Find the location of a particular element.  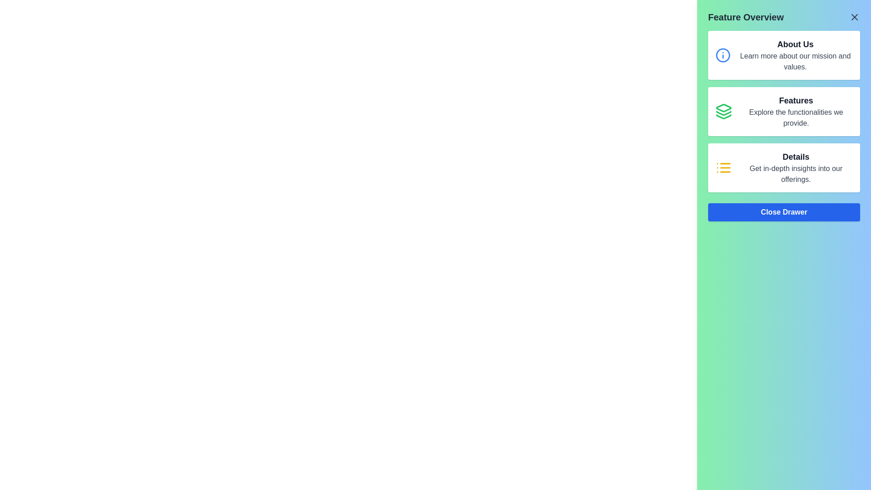

the interactive text block located in the lower part of the sidebar, specifically the third item in the list that provides access to detailed information about the application is located at coordinates (795, 168).